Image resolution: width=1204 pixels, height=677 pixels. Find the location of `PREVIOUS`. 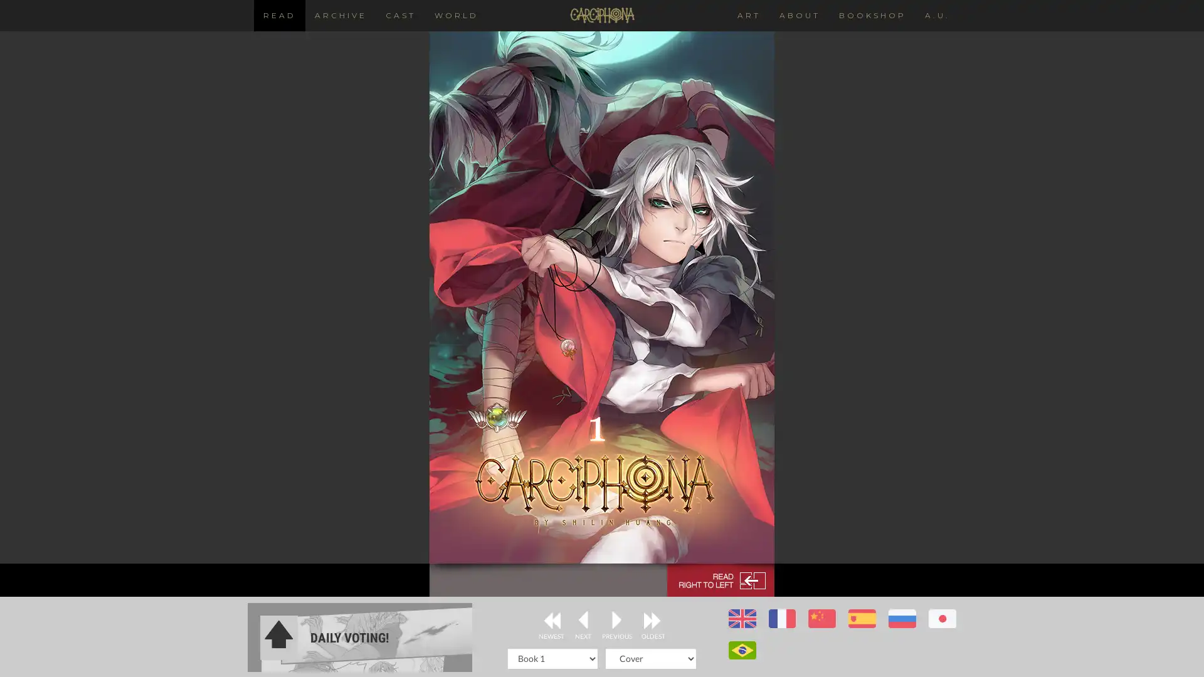

PREVIOUS is located at coordinates (616, 621).